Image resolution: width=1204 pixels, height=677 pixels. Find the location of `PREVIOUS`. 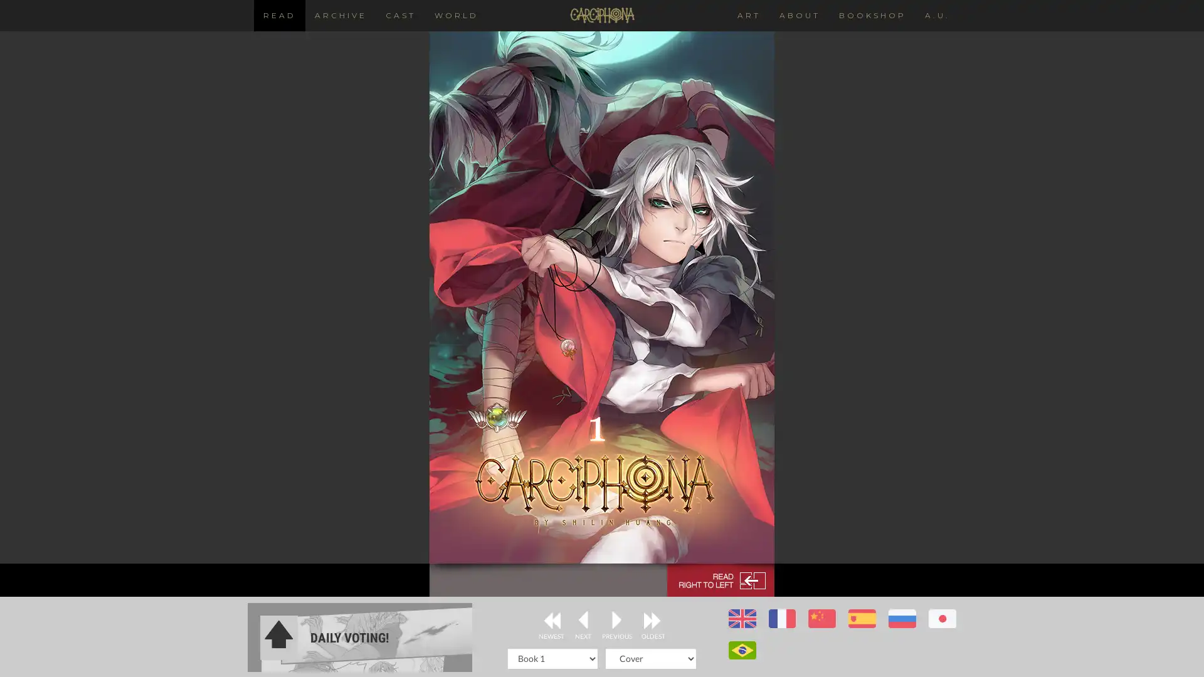

PREVIOUS is located at coordinates (616, 621).